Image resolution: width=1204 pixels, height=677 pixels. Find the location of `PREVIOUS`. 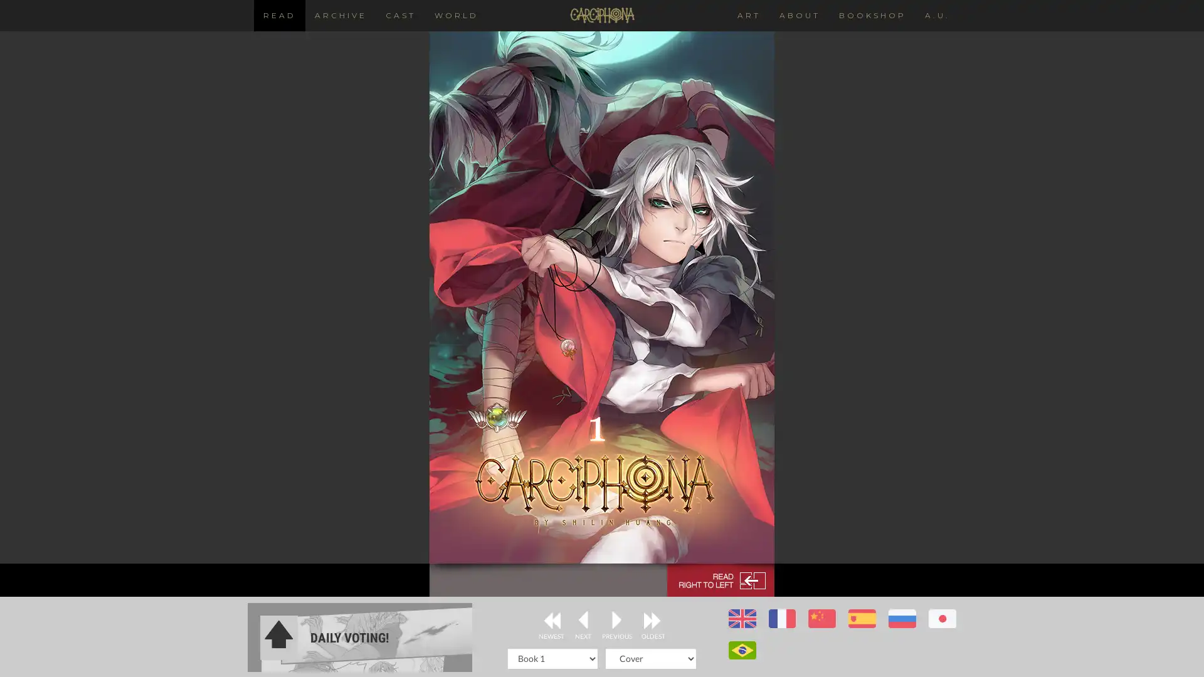

PREVIOUS is located at coordinates (616, 621).